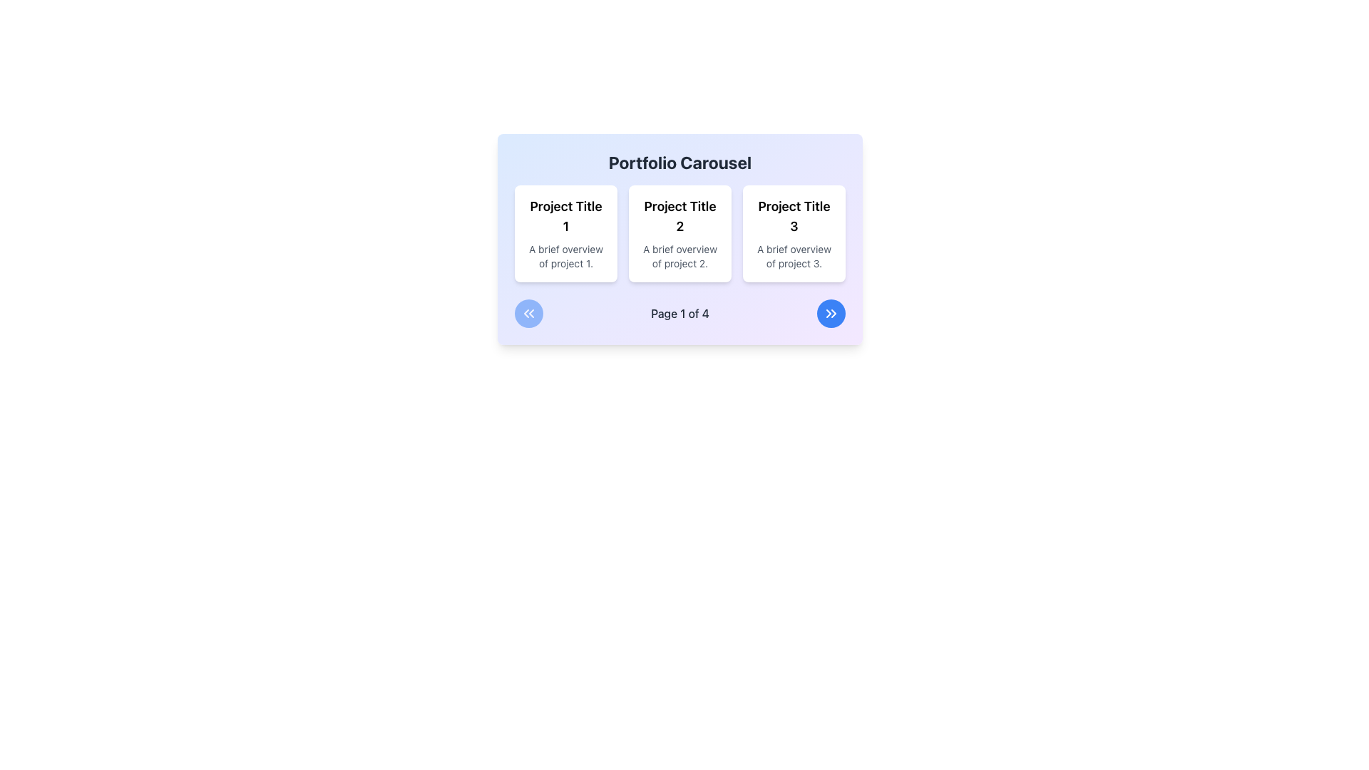 This screenshot has width=1369, height=770. Describe the element at coordinates (831, 312) in the screenshot. I see `the double-chevron right SVG icon within the circular blue button located at the bottom-right corner of the portfolio carousel` at that location.